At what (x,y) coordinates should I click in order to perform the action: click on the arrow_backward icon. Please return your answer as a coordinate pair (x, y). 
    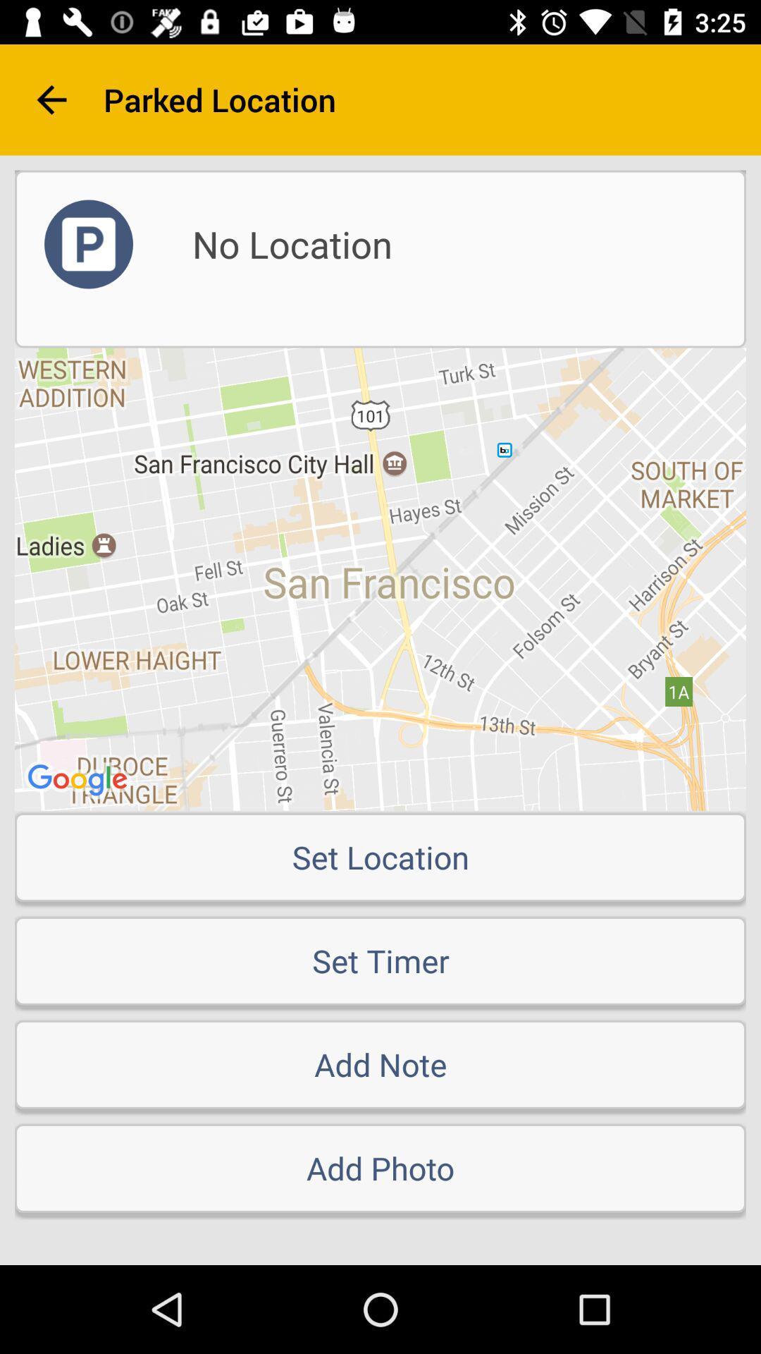
    Looking at the image, I should click on (51, 99).